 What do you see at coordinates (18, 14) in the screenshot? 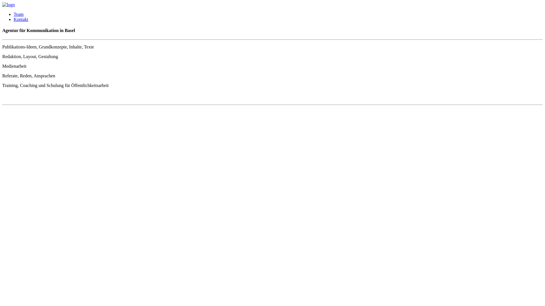
I see `'Team'` at bounding box center [18, 14].